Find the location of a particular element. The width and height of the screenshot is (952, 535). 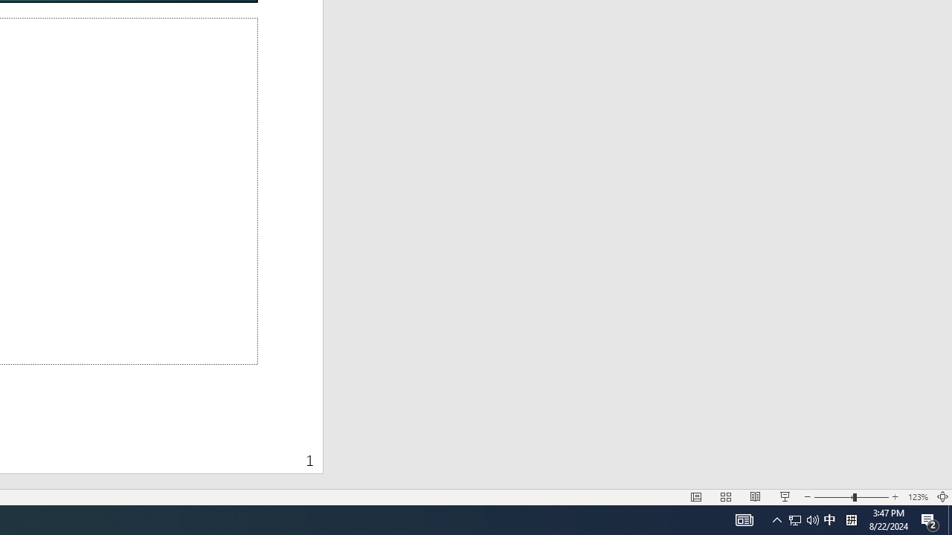

'Zoom In' is located at coordinates (895, 497).